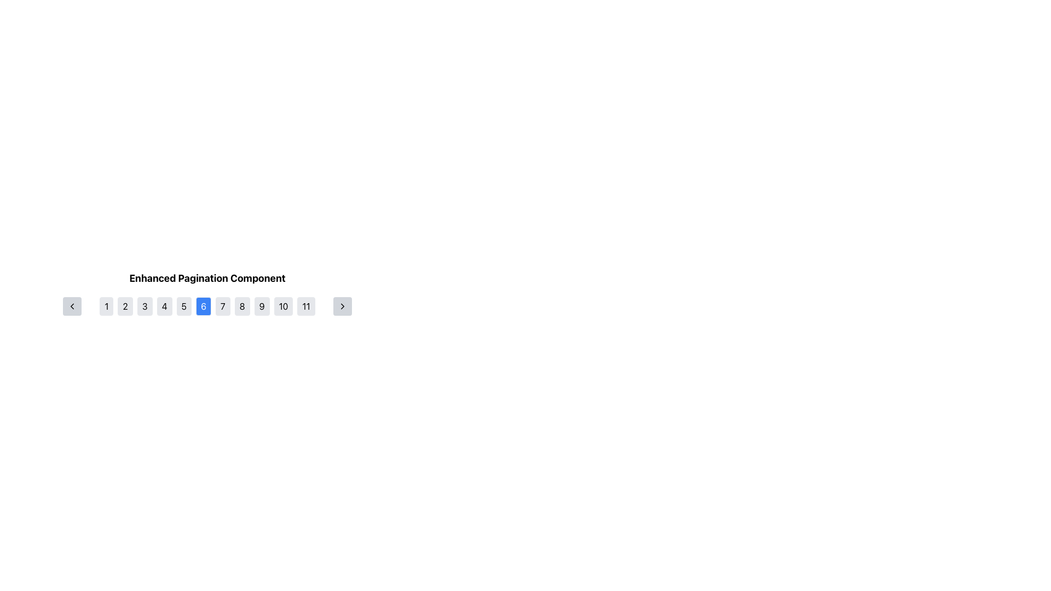  Describe the element at coordinates (72, 306) in the screenshot. I see `the square button with a light gray background and a left-pointing arrow icon located at the leftmost side of the pagination bar` at that location.